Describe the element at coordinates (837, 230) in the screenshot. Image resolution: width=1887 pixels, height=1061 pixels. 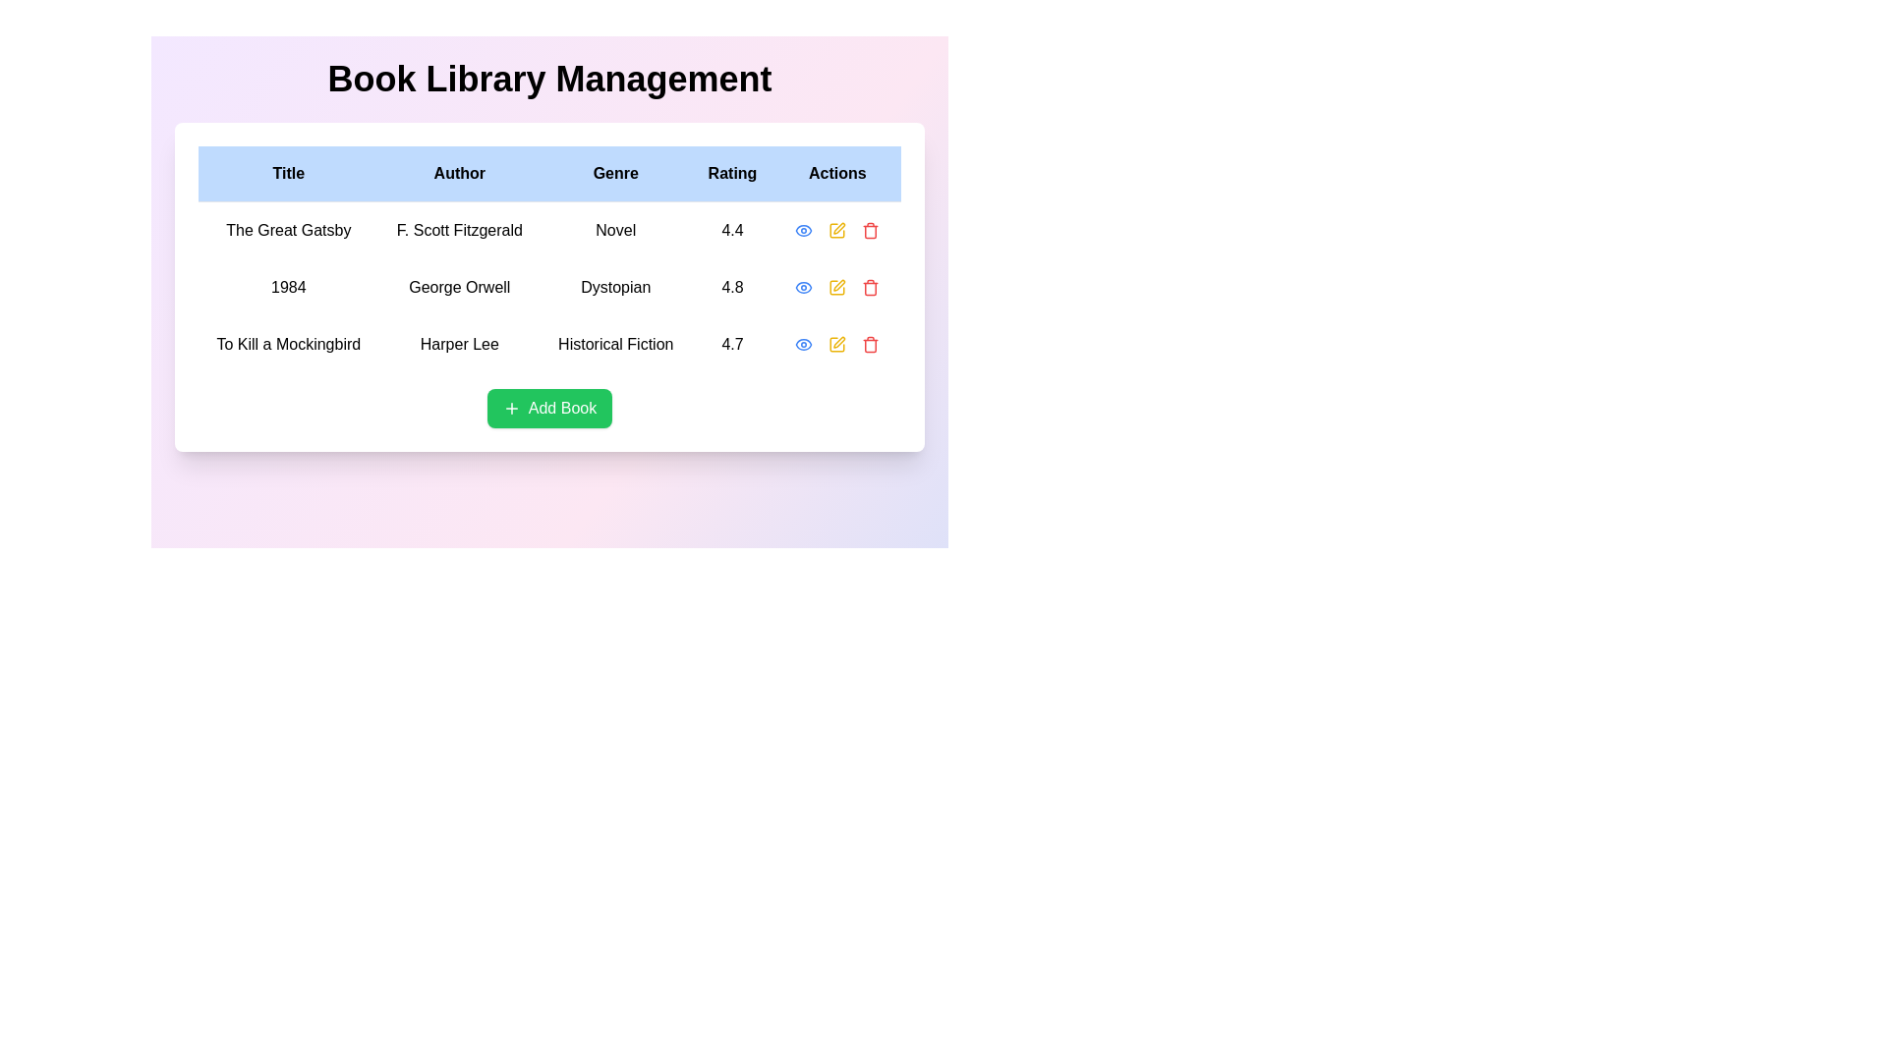
I see `the small yellow edit icon located in the 'Actions' column of the first row of the table for accessibility actions` at that location.